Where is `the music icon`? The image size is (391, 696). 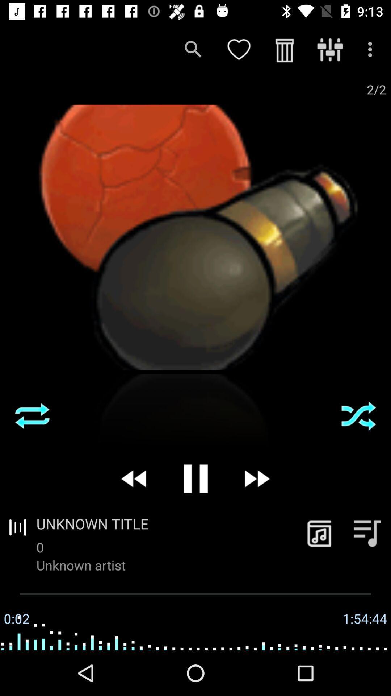 the music icon is located at coordinates (319, 533).